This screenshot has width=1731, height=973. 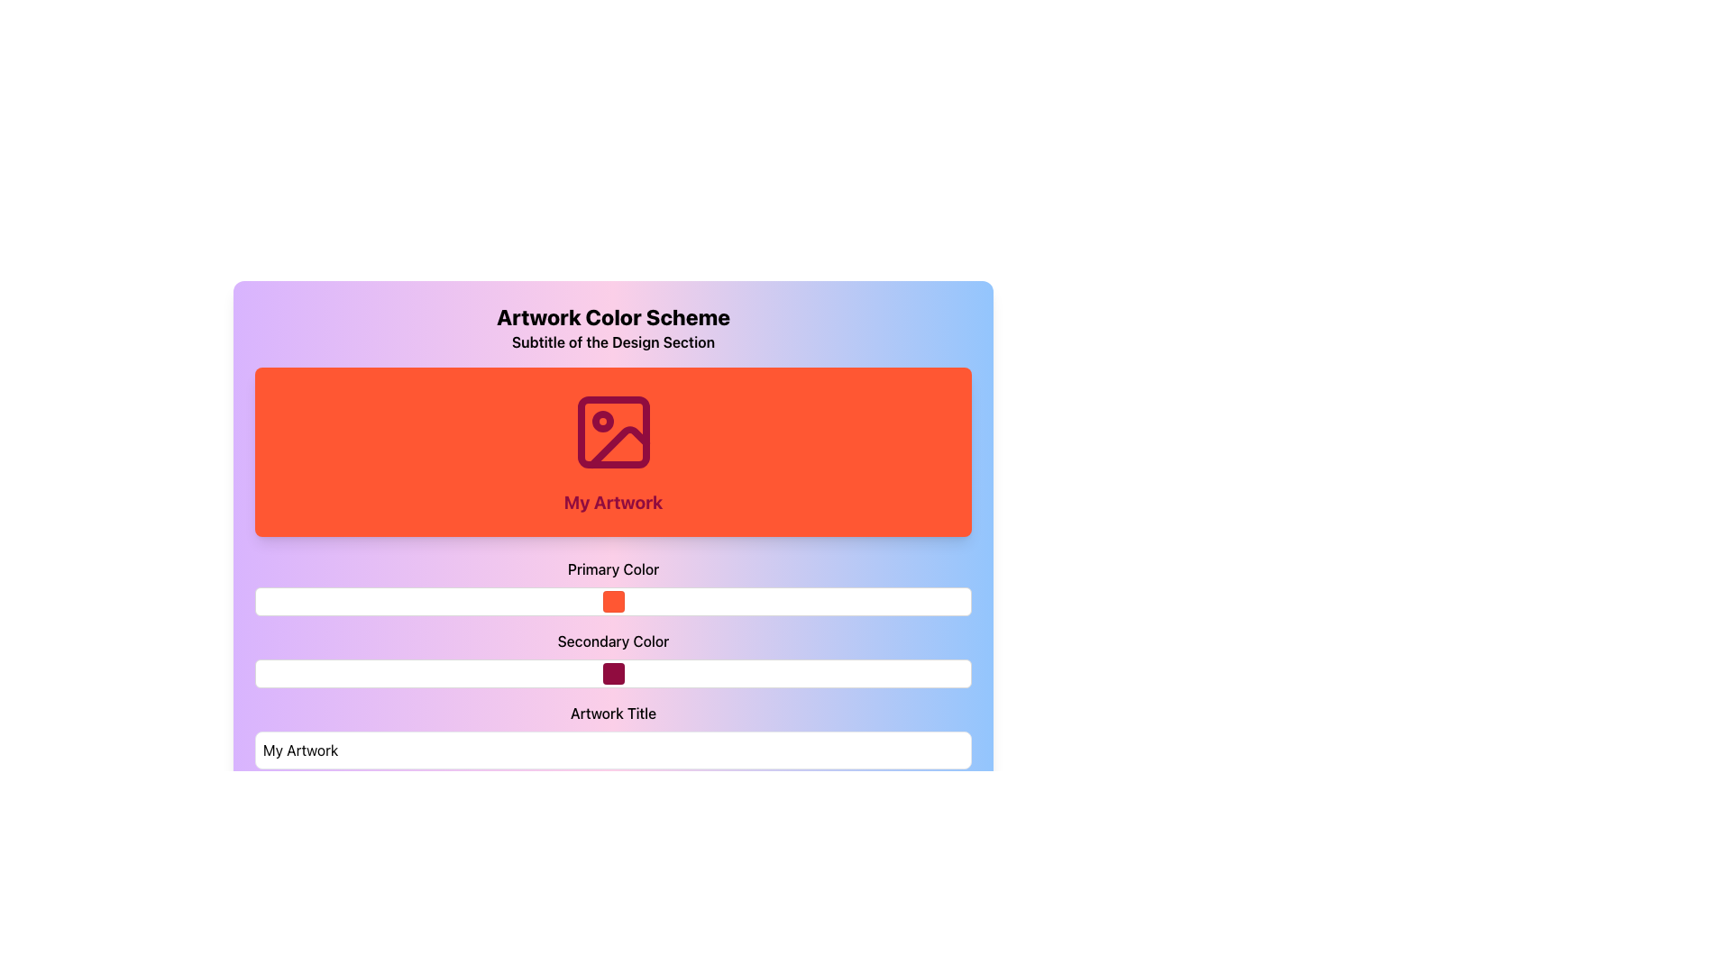 What do you see at coordinates (613, 601) in the screenshot?
I see `the square color block that serves as the Color picker trigger, which is solid red and located near the 'Primary Color' label` at bounding box center [613, 601].